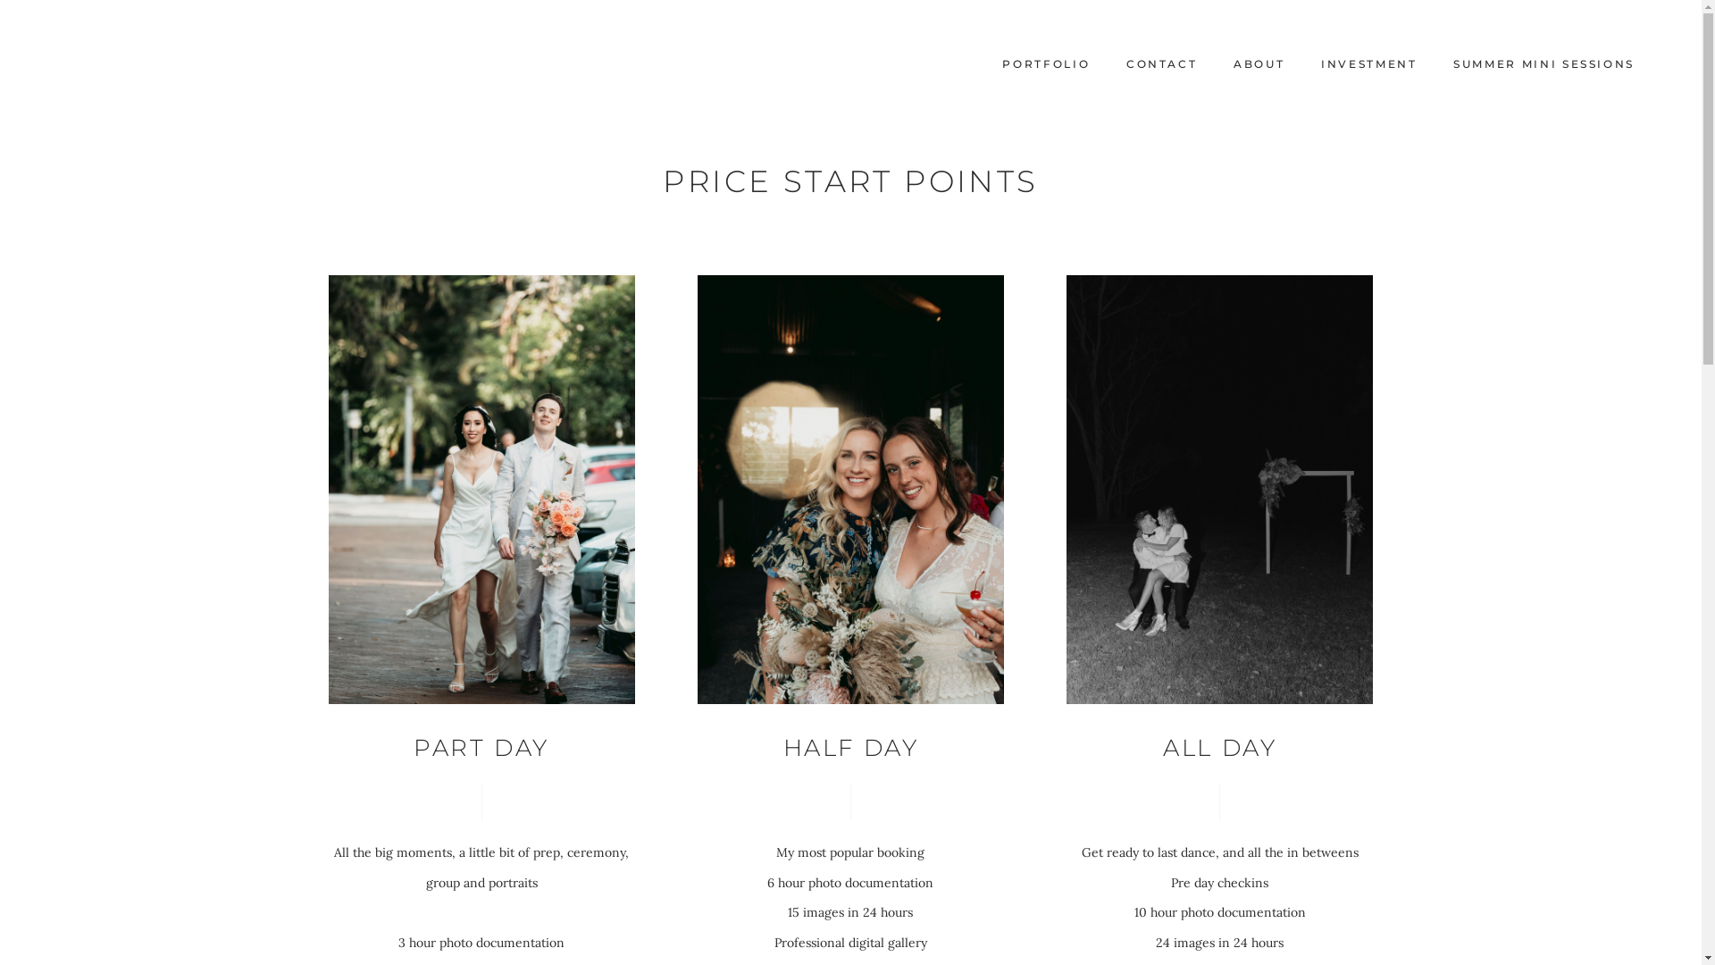 The width and height of the screenshot is (1715, 965). What do you see at coordinates (1046, 63) in the screenshot?
I see `'PORTFOLIO'` at bounding box center [1046, 63].